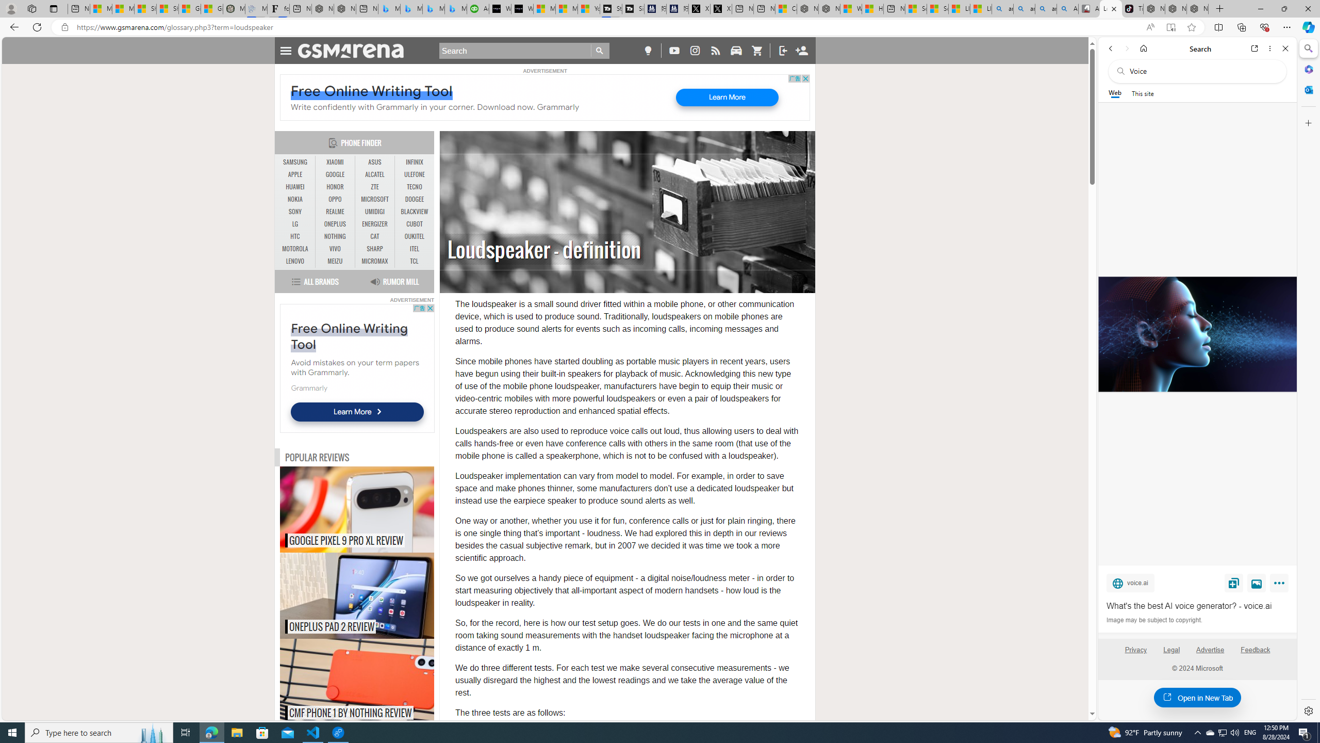  I want to click on 'MICROSOFT', so click(374, 199).